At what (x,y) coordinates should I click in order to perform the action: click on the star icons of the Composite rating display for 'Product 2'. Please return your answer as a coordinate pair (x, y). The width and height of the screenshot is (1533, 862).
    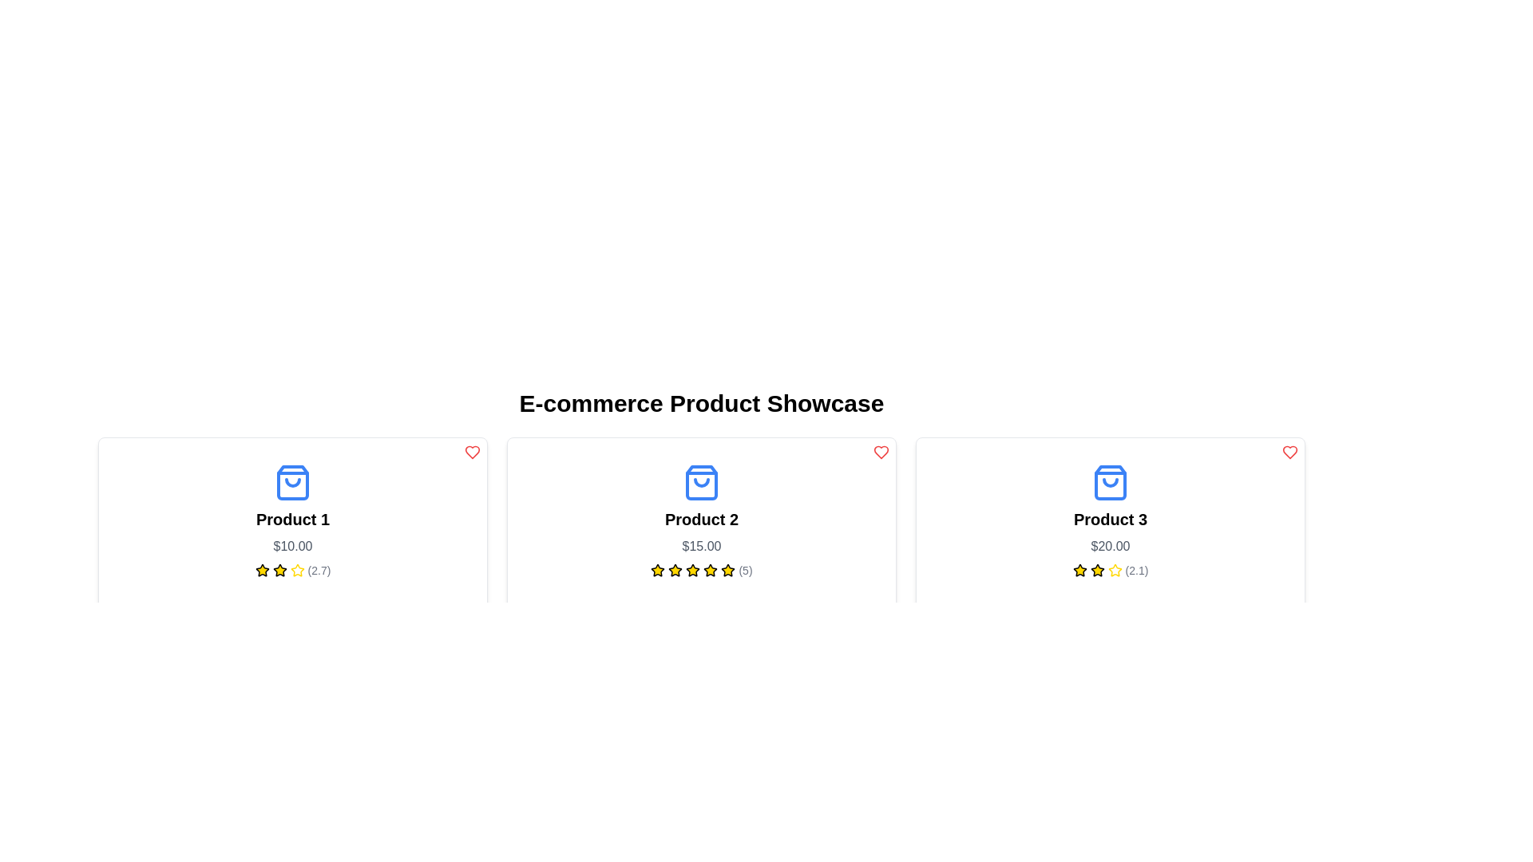
    Looking at the image, I should click on (701, 569).